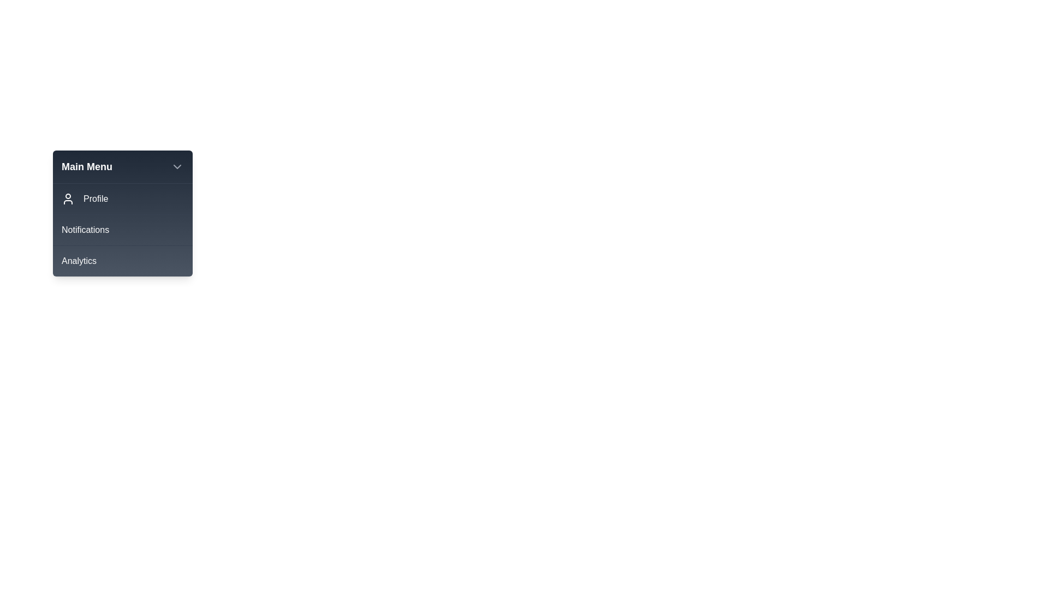 Image resolution: width=1048 pixels, height=589 pixels. What do you see at coordinates (123, 199) in the screenshot?
I see `the menu item Profile from the interactive menu` at bounding box center [123, 199].